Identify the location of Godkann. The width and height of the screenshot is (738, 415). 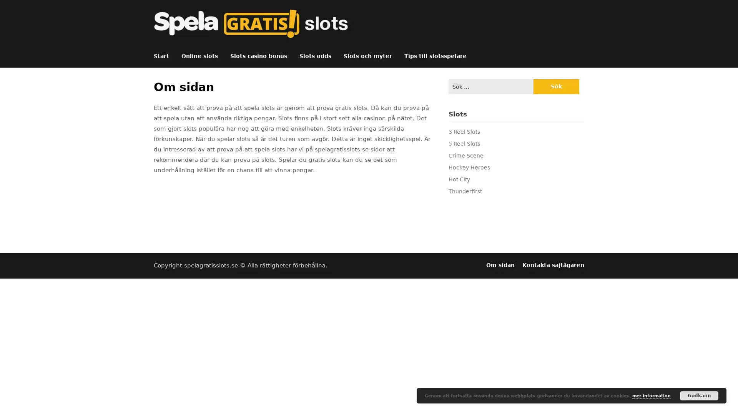
(699, 395).